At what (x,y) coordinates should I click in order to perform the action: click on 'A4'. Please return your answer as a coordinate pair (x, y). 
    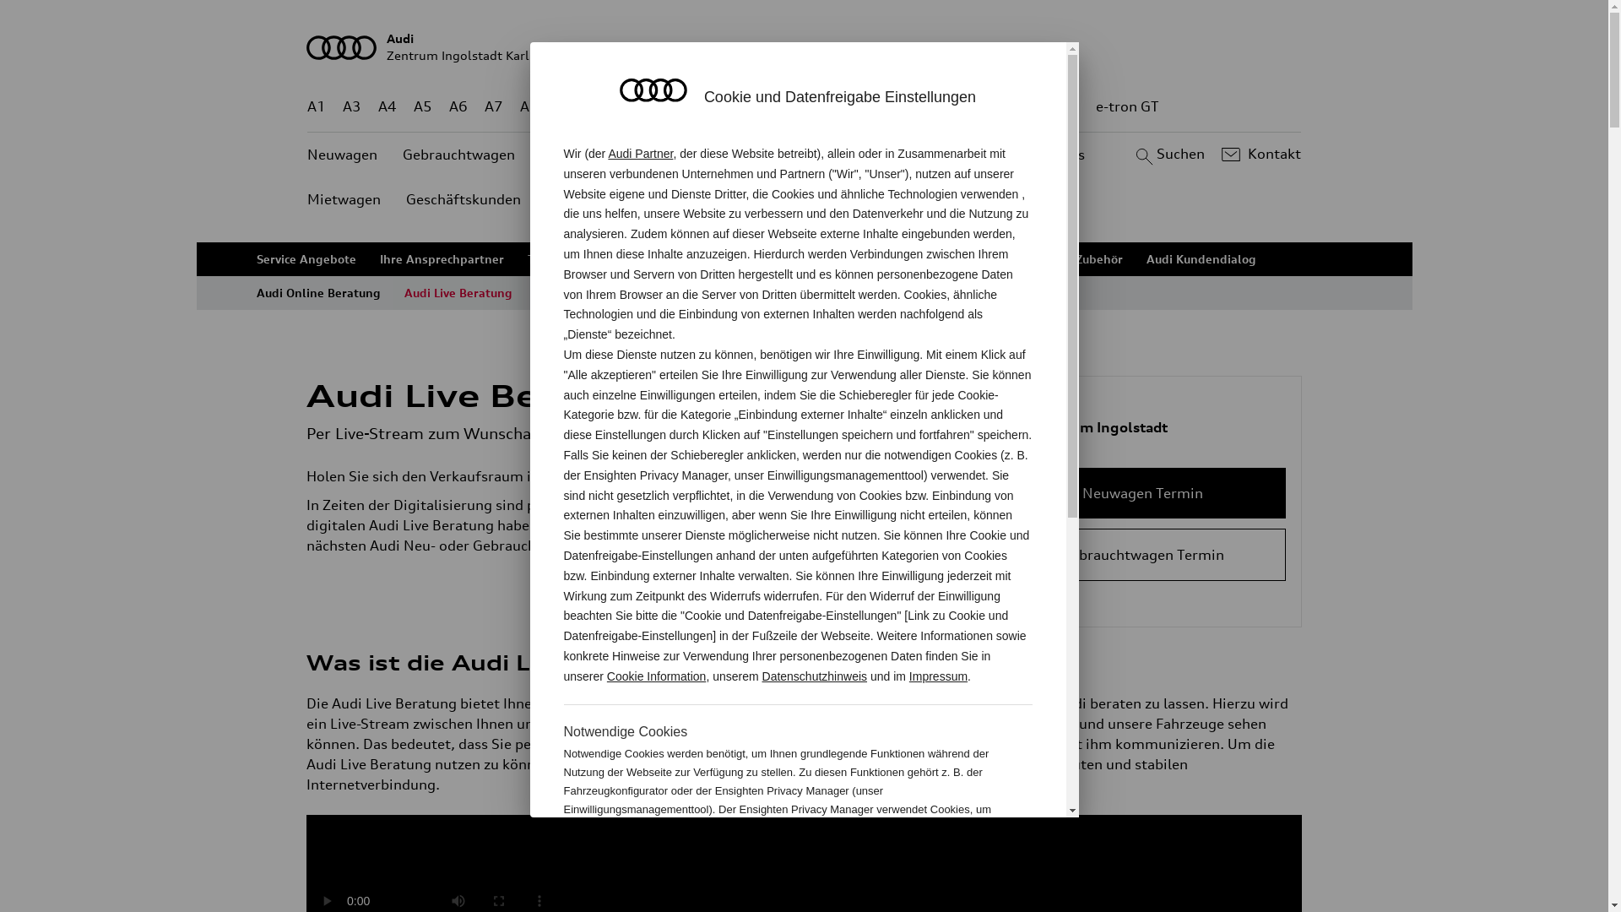
    Looking at the image, I should click on (387, 106).